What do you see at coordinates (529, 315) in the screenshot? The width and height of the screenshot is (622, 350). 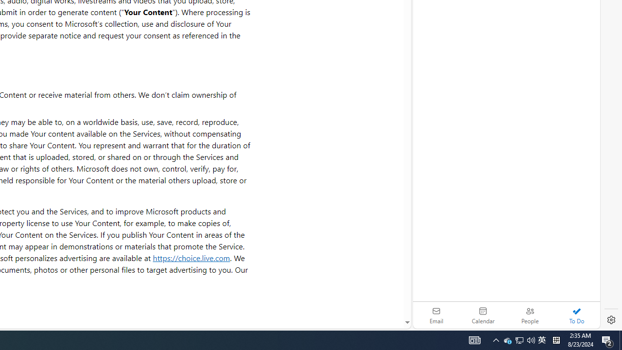 I see `'People'` at bounding box center [529, 315].